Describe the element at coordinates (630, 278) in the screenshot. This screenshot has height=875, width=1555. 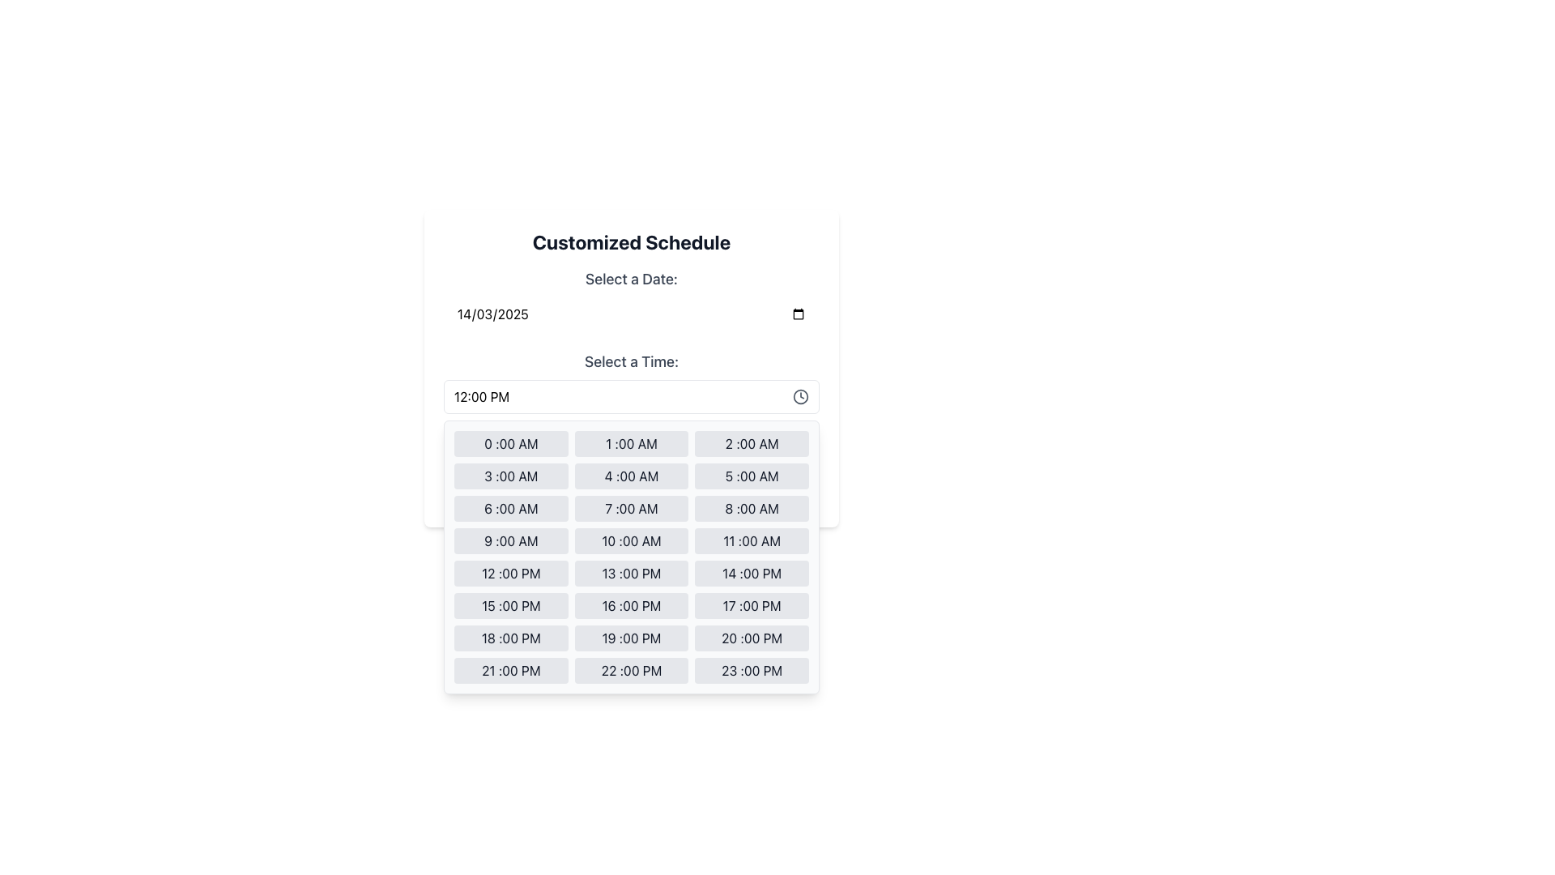
I see `the text label that identifies the date picker input field, located at the top-left of the date and time selection form` at that location.